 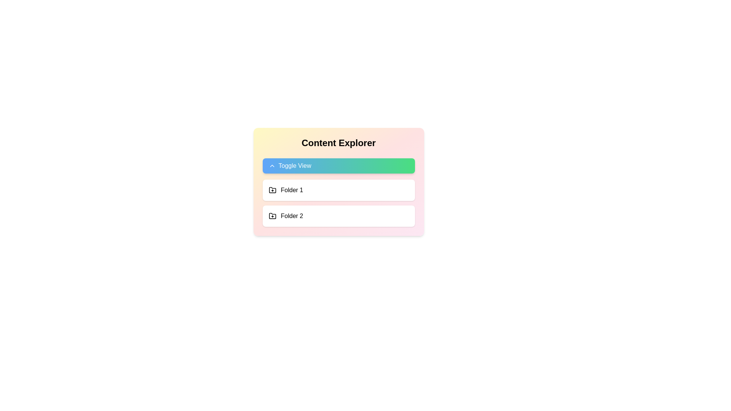 What do you see at coordinates (285, 190) in the screenshot?
I see `the folder button labeled 'Folder 1'` at bounding box center [285, 190].